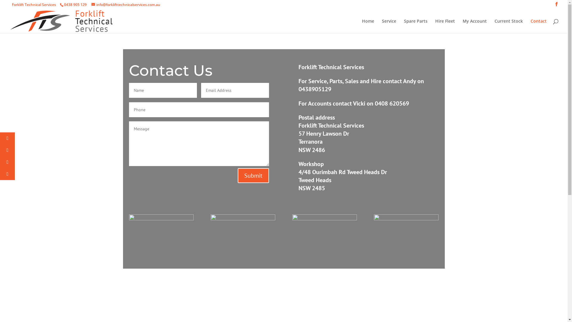 The height and width of the screenshot is (322, 572). I want to click on 'Contact', so click(539, 26).